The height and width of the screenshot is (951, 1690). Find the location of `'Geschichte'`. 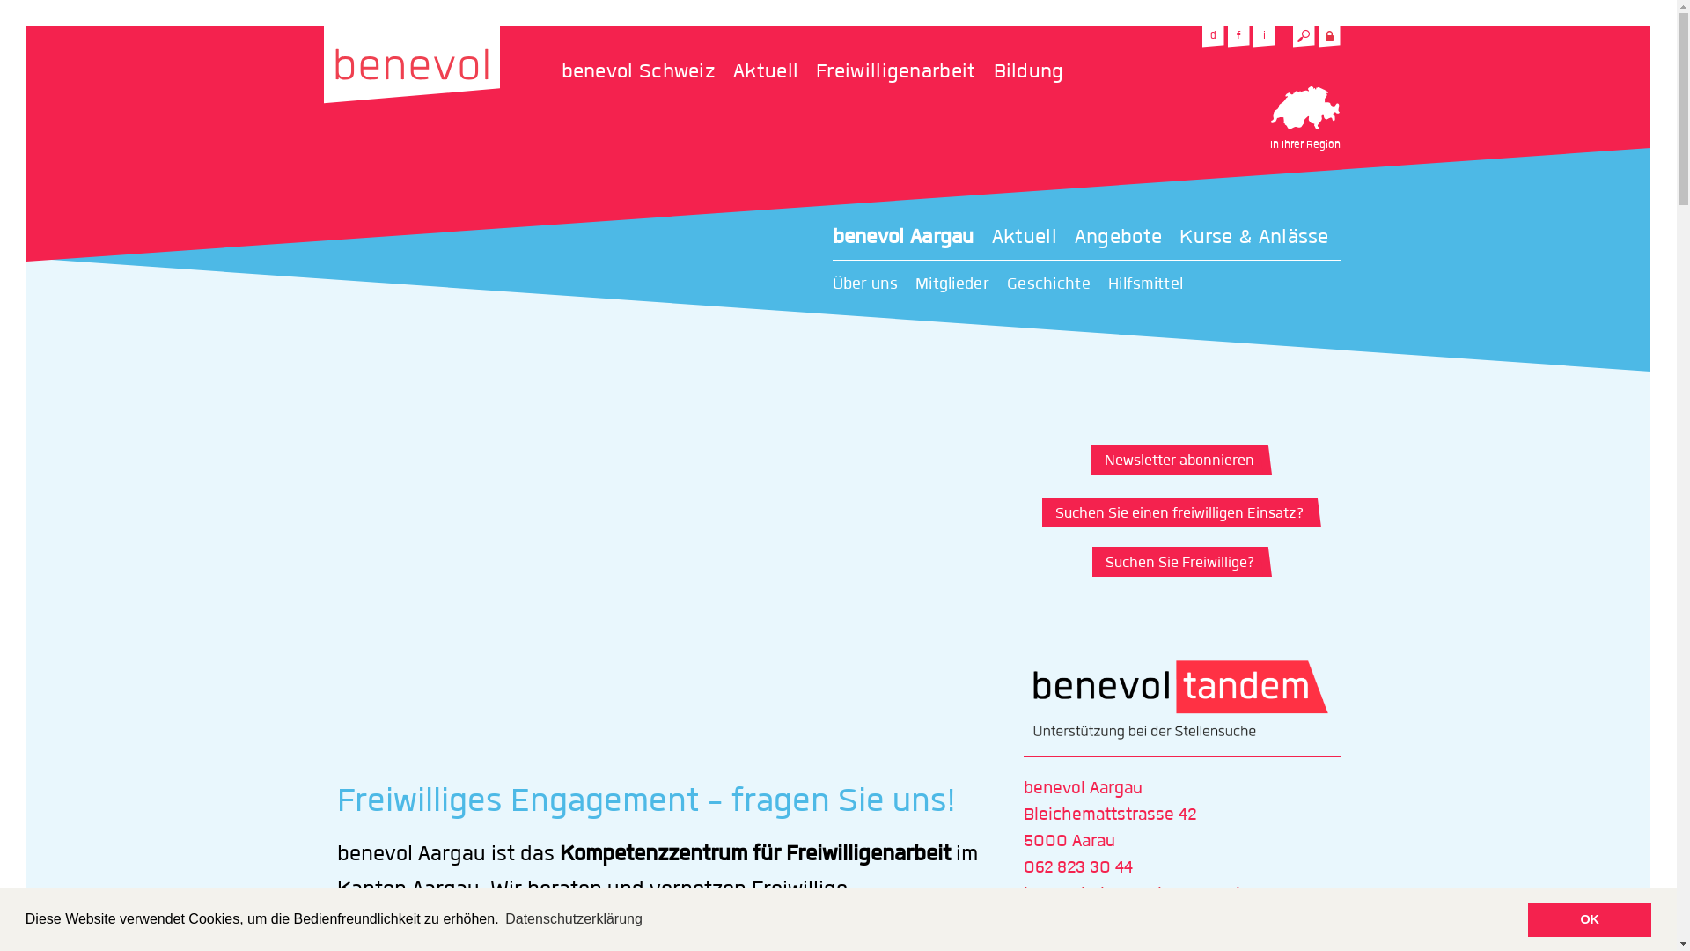

'Geschichte' is located at coordinates (1056, 284).